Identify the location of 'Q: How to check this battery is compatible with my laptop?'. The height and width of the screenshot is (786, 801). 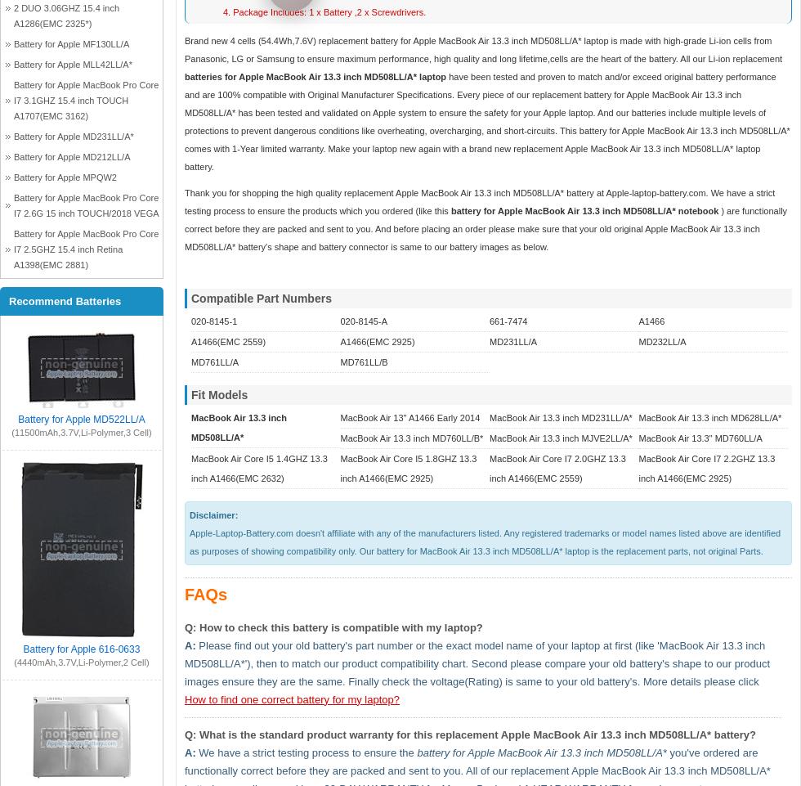
(333, 626).